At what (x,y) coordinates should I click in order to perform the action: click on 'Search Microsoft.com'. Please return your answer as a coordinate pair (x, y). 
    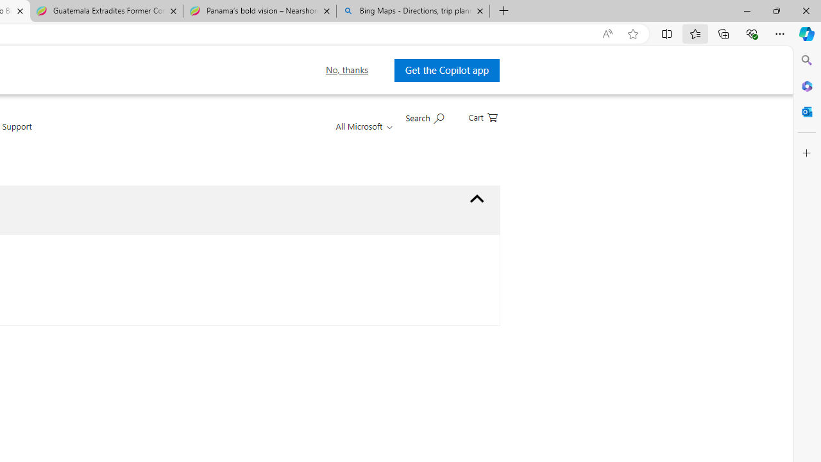
    Looking at the image, I should click on (425, 117).